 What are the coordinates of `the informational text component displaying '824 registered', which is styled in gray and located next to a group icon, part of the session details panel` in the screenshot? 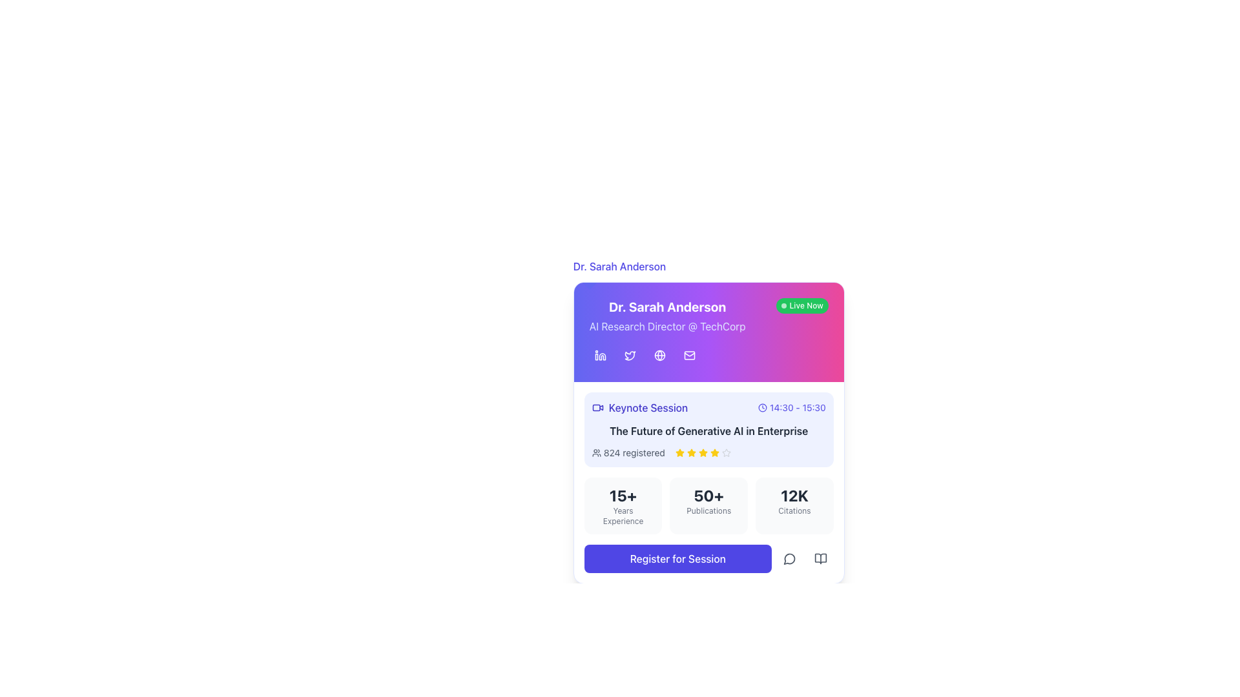 It's located at (634, 452).